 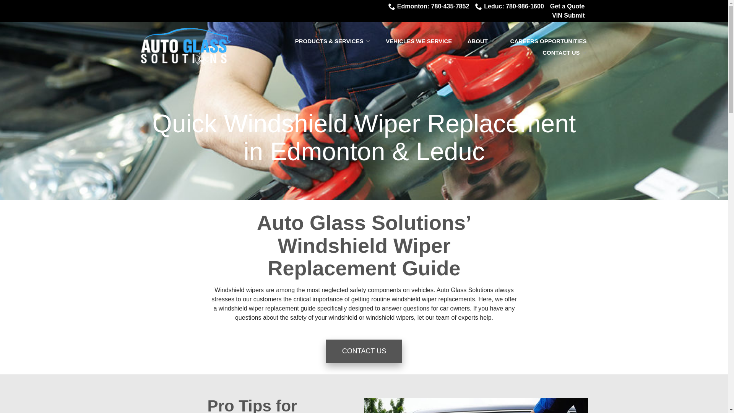 What do you see at coordinates (418, 41) in the screenshot?
I see `'VEHICLES WE SERVICE'` at bounding box center [418, 41].